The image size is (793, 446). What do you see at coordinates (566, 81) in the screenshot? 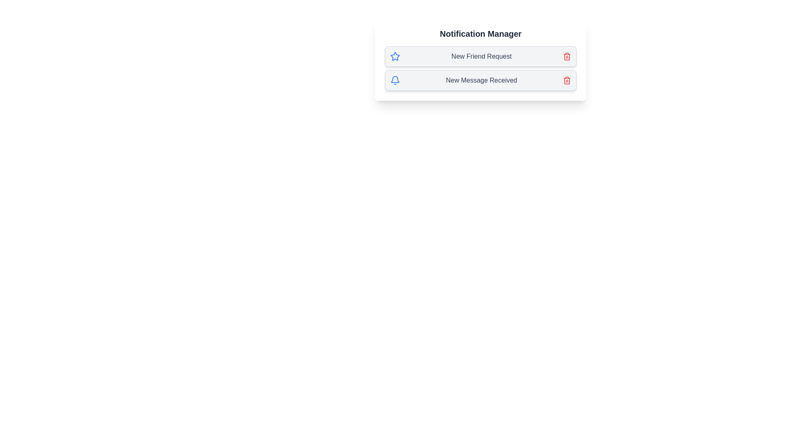
I see `the trash icon to remove a notification. Specify the notification to remove as New Message Received` at bounding box center [566, 81].